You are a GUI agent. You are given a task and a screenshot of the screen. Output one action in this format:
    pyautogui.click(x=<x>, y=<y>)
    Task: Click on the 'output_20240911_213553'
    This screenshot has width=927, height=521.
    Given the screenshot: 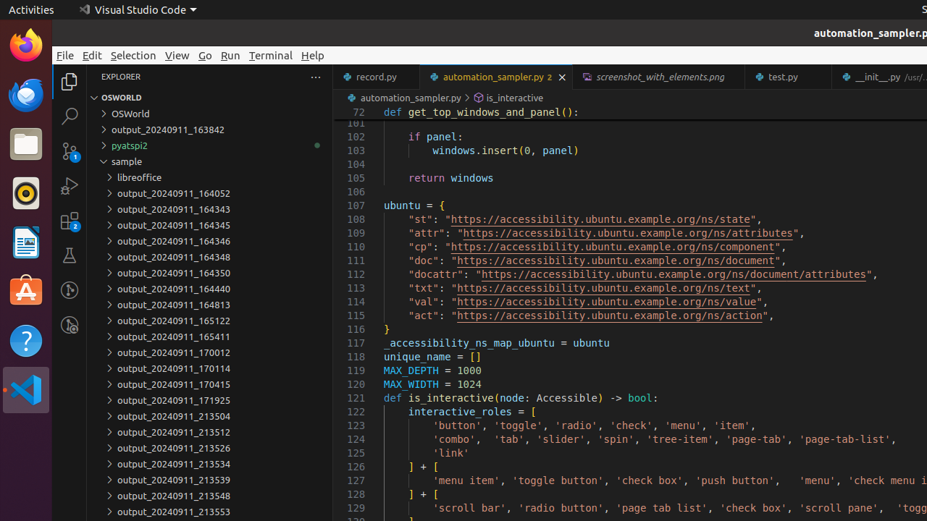 What is the action you would take?
    pyautogui.click(x=209, y=510)
    